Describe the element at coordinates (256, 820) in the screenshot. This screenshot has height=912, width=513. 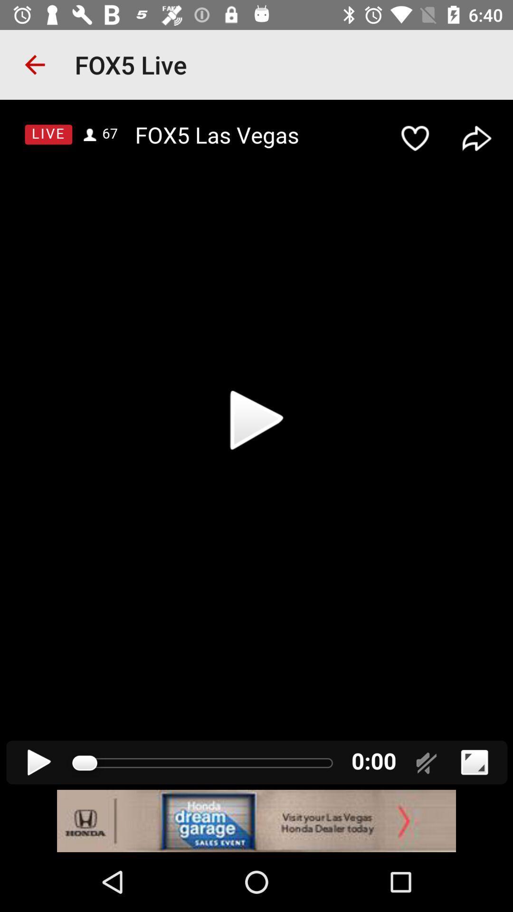
I see `advertisement` at that location.